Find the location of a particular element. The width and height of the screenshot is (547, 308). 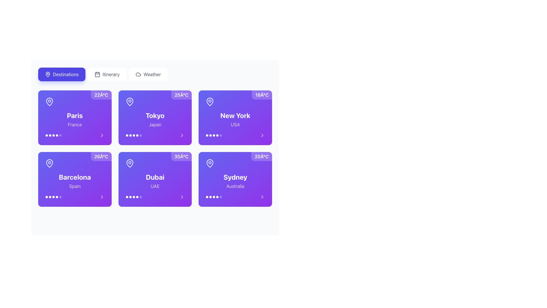

the geographical location marker icon representing 'Tokyo, Japan' located at the top-center inside the card in the second column of the first row of the grid is located at coordinates (129, 102).